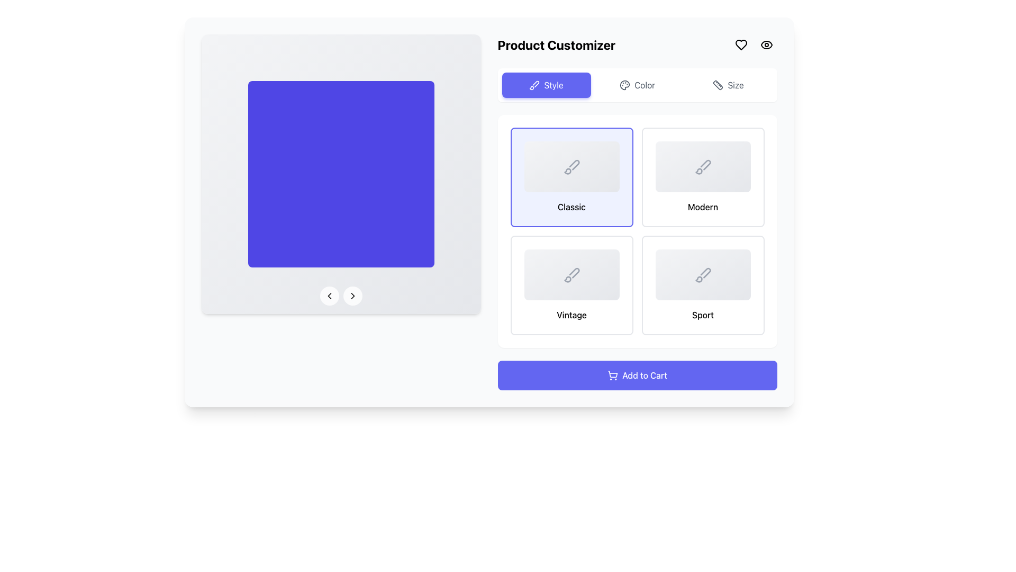  I want to click on the 'Vintage' selectable card located in the second row and second position of the card grid under the 'Style' section, so click(571, 274).